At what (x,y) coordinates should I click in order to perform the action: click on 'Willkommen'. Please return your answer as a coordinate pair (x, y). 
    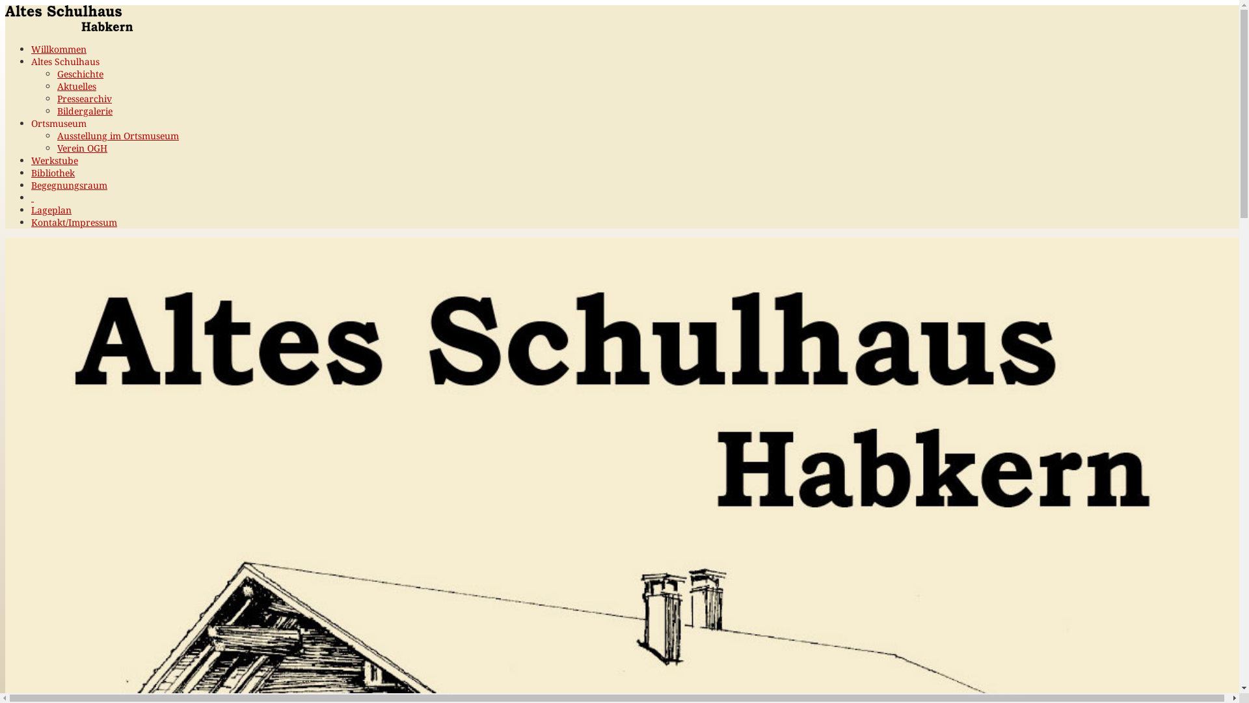
    Looking at the image, I should click on (31, 48).